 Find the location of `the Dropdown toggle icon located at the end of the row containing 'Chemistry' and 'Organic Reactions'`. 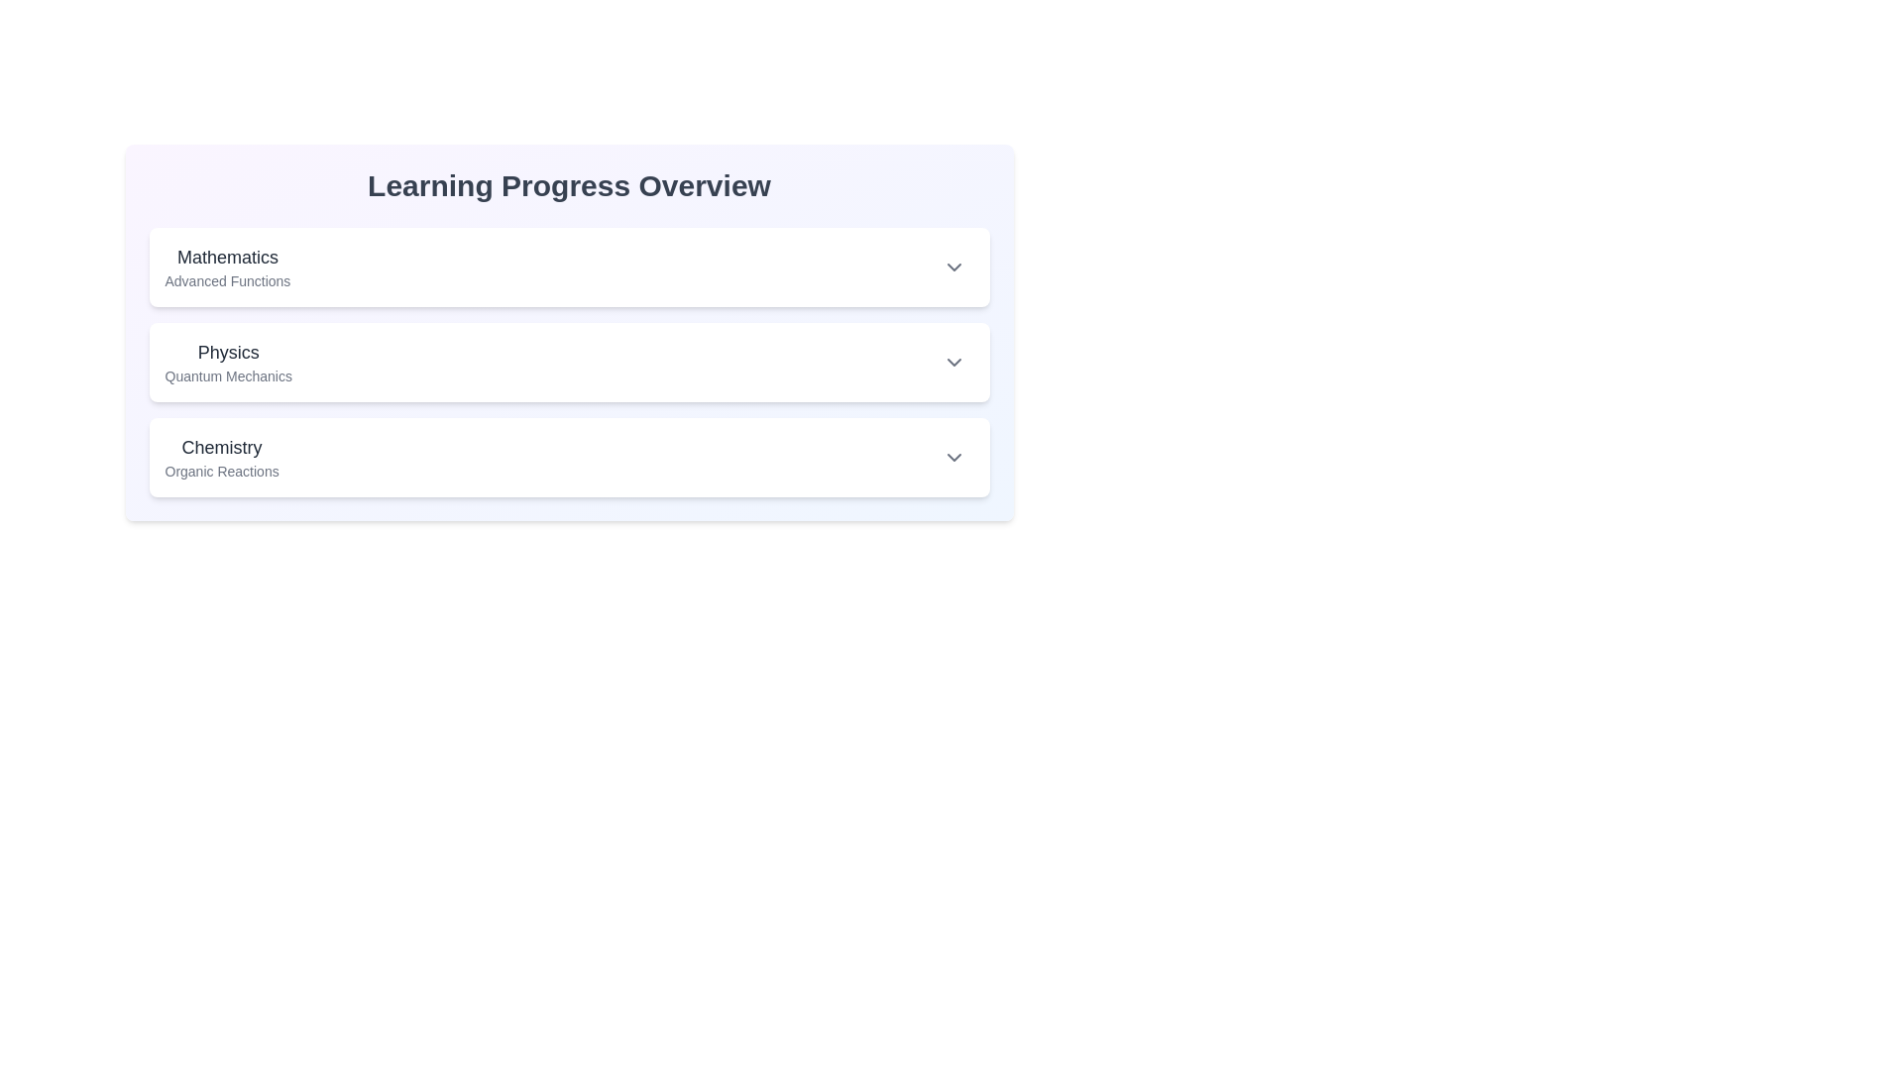

the Dropdown toggle icon located at the end of the row containing 'Chemistry' and 'Organic Reactions' is located at coordinates (953, 458).